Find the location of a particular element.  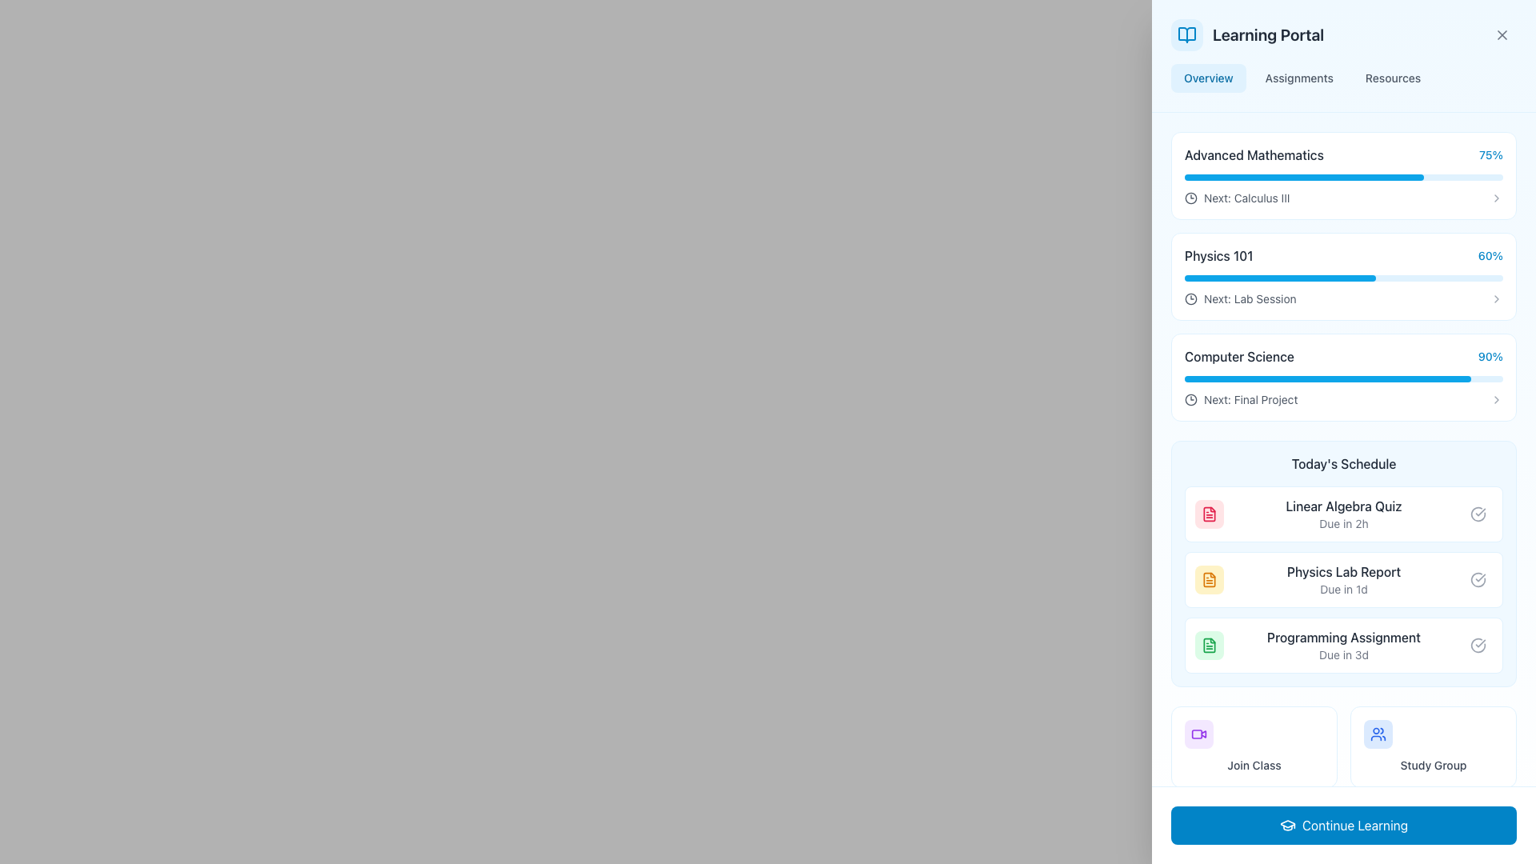

the static Text label displaying the progress percentage of the course 'Physics 101', located to the right of the course name and aligned horizontally with it is located at coordinates (1490, 255).